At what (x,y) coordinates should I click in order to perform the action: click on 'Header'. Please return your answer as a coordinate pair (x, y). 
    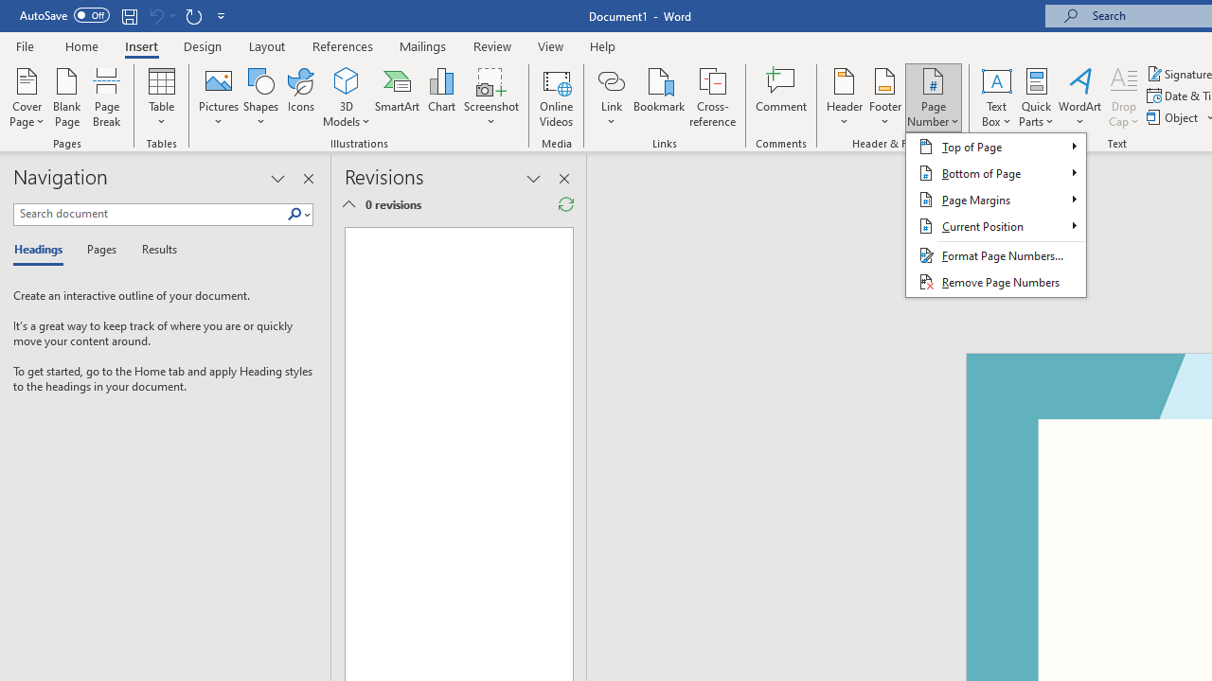
    Looking at the image, I should click on (844, 97).